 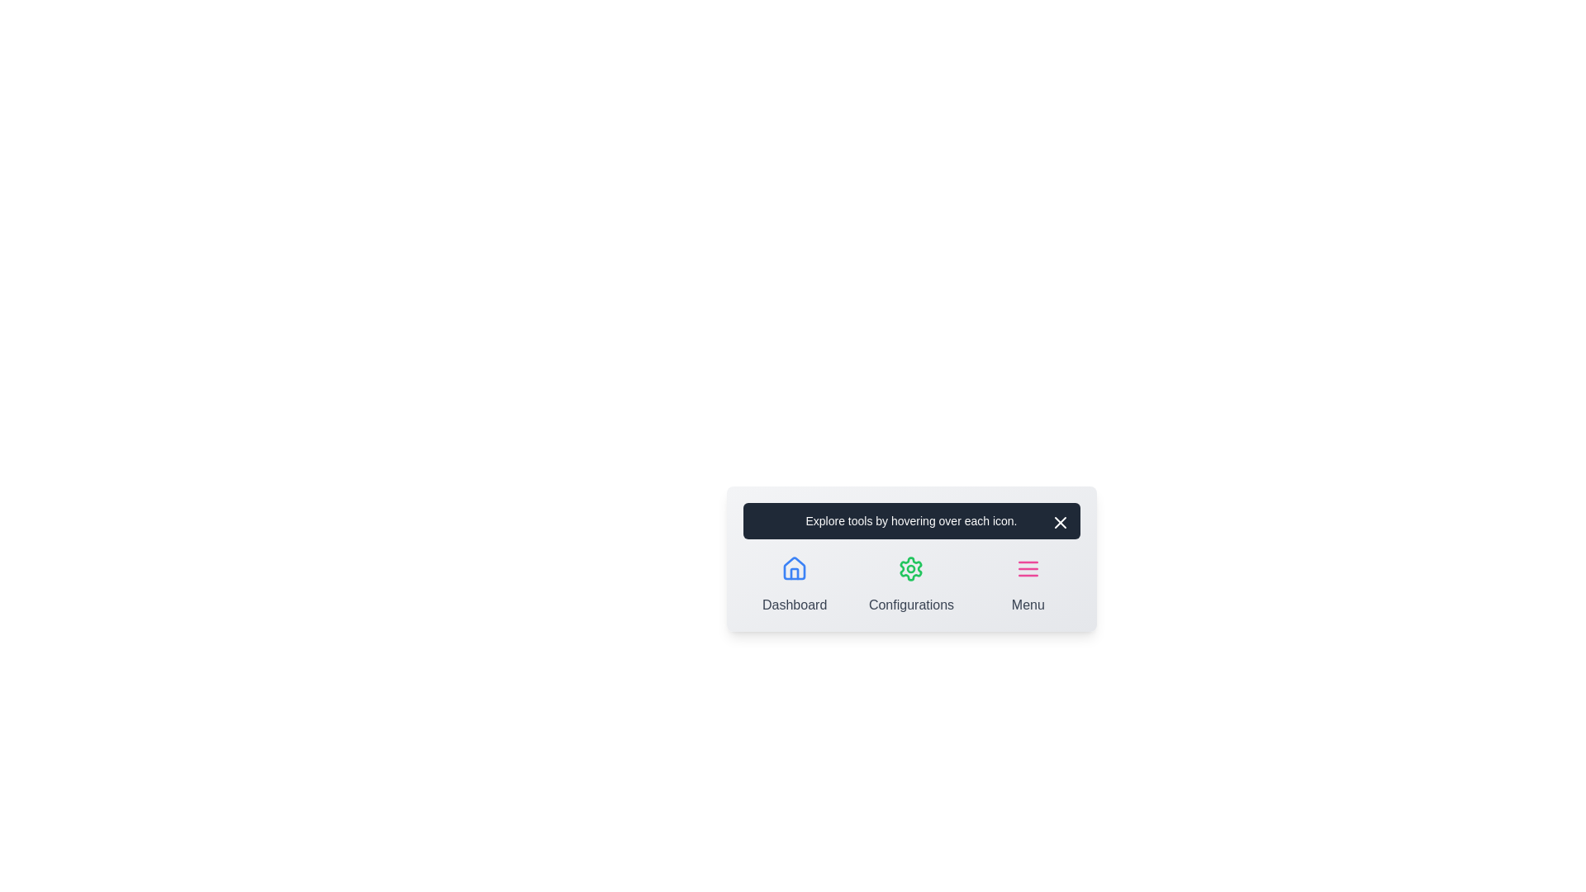 What do you see at coordinates (910, 568) in the screenshot?
I see `the 'Configurations' icon` at bounding box center [910, 568].